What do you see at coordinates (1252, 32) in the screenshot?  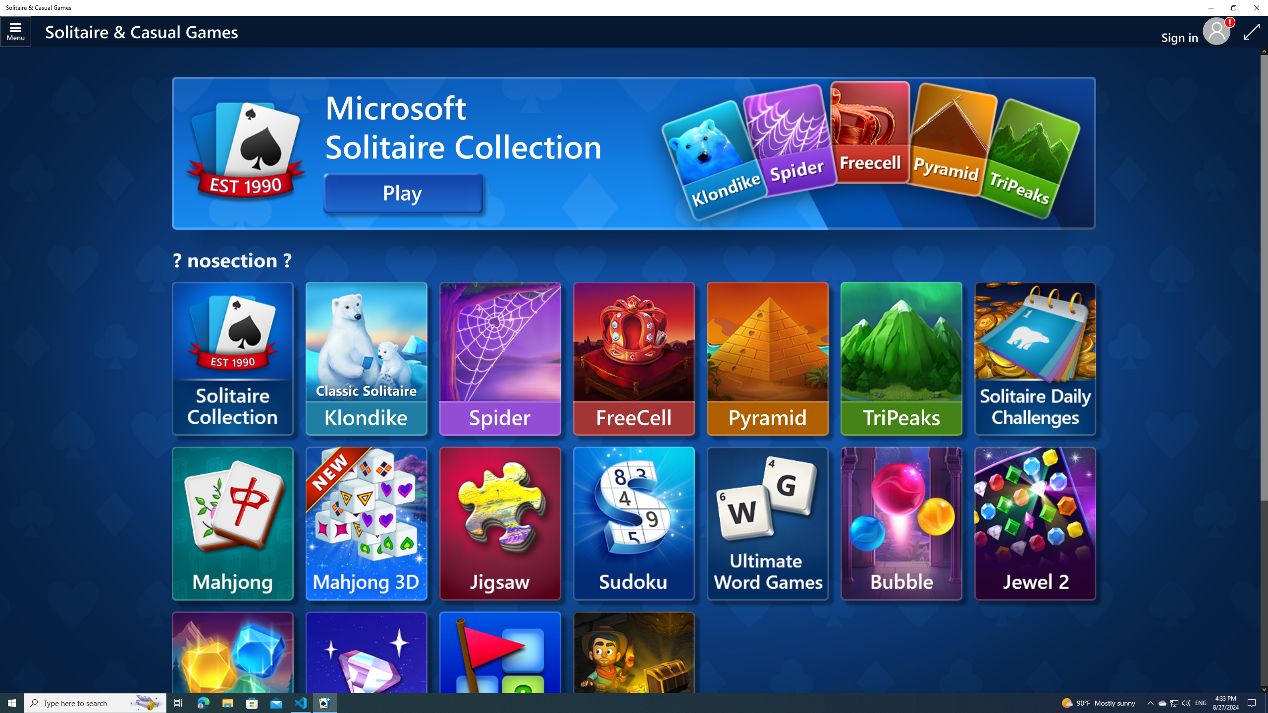 I see `'Full Screen View'` at bounding box center [1252, 32].